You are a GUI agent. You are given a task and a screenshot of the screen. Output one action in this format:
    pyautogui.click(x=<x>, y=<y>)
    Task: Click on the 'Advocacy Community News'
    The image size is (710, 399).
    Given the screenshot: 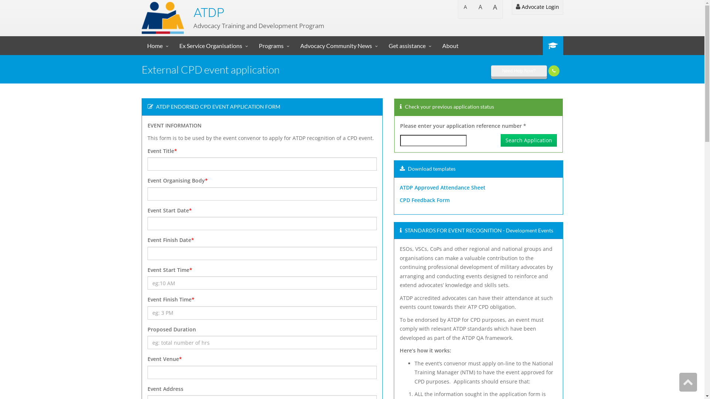 What is the action you would take?
    pyautogui.click(x=294, y=45)
    